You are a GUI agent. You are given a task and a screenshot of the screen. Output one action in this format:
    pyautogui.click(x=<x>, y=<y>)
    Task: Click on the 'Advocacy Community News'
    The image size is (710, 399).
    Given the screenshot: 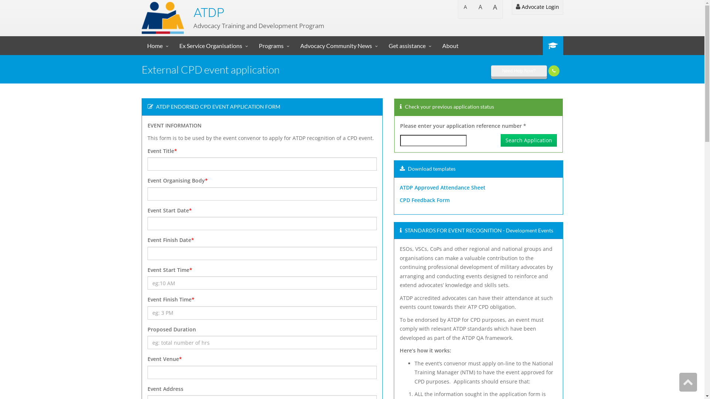 What is the action you would take?
    pyautogui.click(x=294, y=45)
    